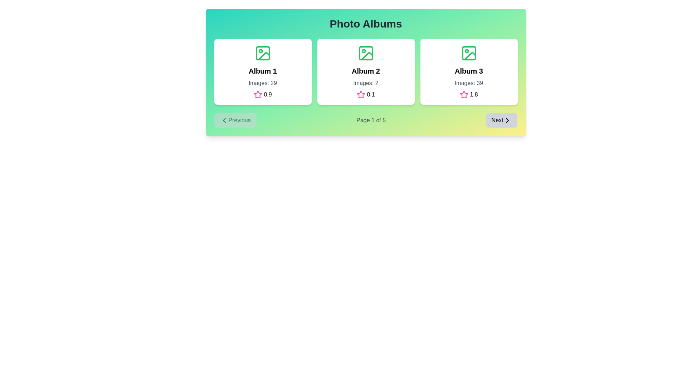  What do you see at coordinates (361, 94) in the screenshot?
I see `the Icon (rating star) located in the middle card titled 'Album 2', under the image count 'Images: 2'` at bounding box center [361, 94].